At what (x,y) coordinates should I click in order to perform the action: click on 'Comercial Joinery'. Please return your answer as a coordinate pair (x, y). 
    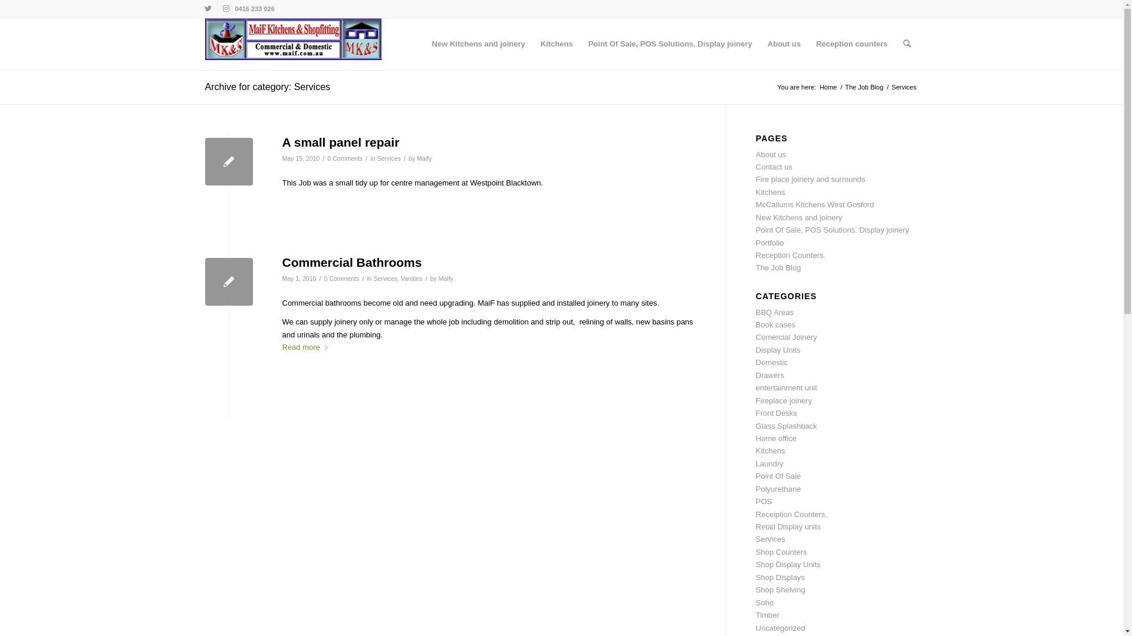
    Looking at the image, I should click on (787, 337).